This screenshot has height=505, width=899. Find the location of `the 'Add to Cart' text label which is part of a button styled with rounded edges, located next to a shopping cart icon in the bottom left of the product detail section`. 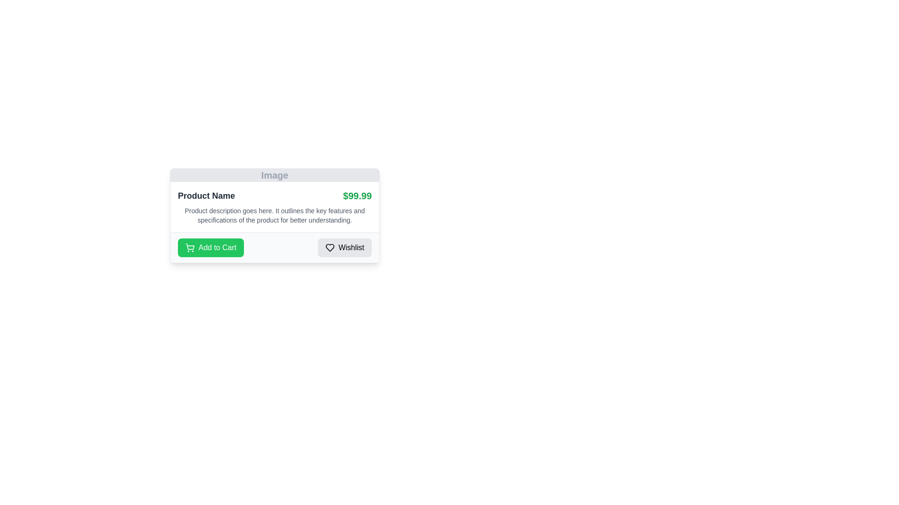

the 'Add to Cart' text label which is part of a button styled with rounded edges, located next to a shopping cart icon in the bottom left of the product detail section is located at coordinates (217, 247).